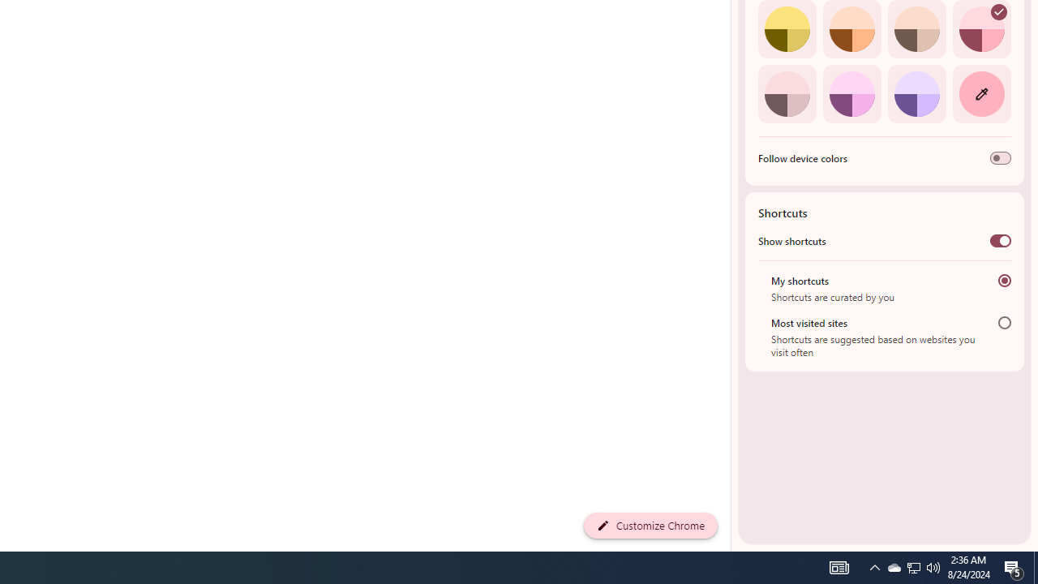  Describe the element at coordinates (980, 93) in the screenshot. I see `'Custom color'` at that location.